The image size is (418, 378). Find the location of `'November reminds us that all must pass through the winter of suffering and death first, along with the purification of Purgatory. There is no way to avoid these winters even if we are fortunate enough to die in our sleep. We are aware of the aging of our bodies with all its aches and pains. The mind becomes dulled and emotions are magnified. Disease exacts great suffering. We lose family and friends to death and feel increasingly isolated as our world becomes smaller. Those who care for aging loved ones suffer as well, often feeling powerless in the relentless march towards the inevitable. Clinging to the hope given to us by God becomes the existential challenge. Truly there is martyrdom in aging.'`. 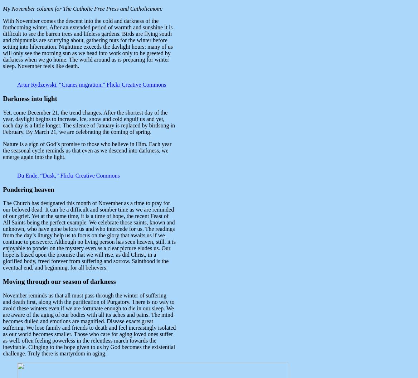

'November reminds us that all must pass through the winter of suffering and death first, along with the purification of Purgatory. There is no way to avoid these winters even if we are fortunate enough to die in our sleep. We are aware of the aging of our bodies with all its aches and pains. The mind becomes dulled and emotions are magnified. Disease exacts great suffering. We lose family and friends to death and feel increasingly isolated as our world becomes smaller. Those who care for aging loved ones suffer as well, often feeling powerless in the relentless march towards the inevitable. Clinging to the hope given to us by God becomes the existential challenge. Truly there is martyrdom in aging.' is located at coordinates (89, 324).